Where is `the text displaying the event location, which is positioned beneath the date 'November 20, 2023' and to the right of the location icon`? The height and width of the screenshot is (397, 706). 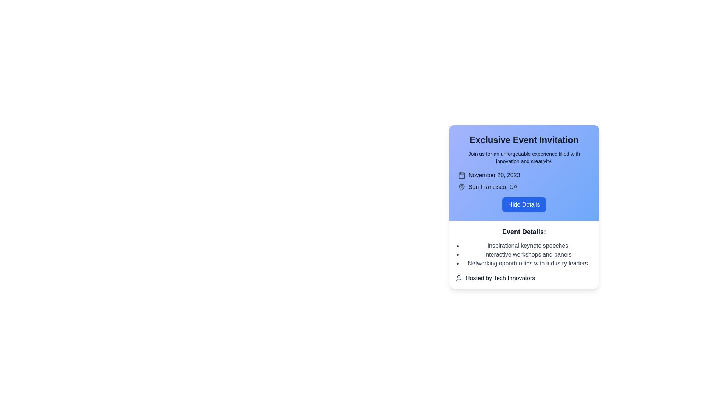
the text displaying the event location, which is positioned beneath the date 'November 20, 2023' and to the right of the location icon is located at coordinates (492, 187).